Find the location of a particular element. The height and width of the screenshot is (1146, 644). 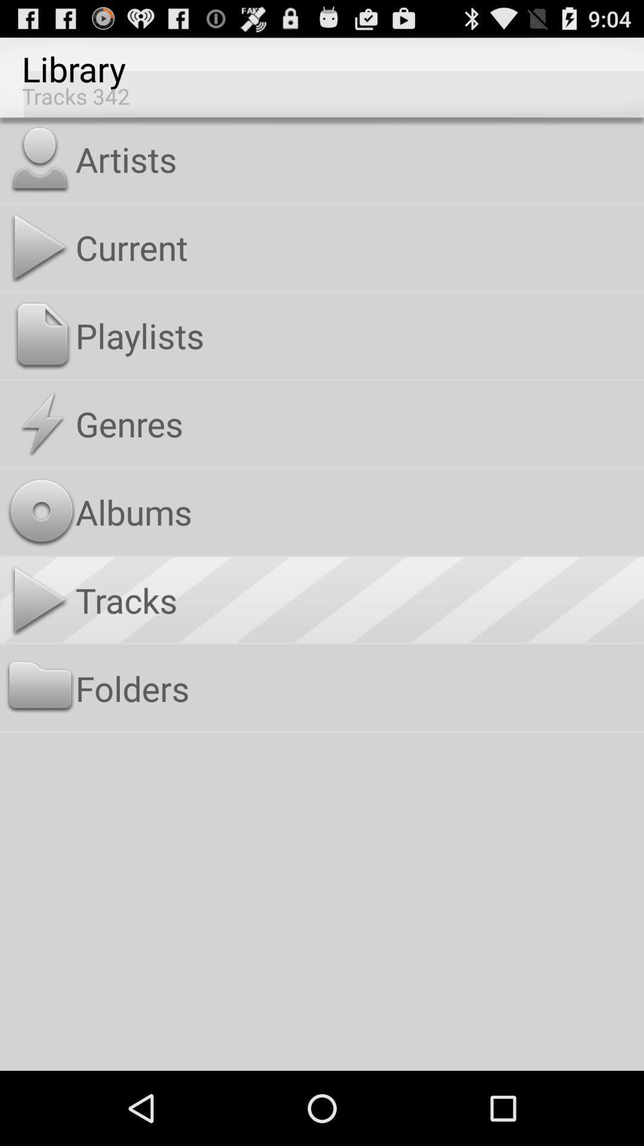

the albums app is located at coordinates (357, 512).